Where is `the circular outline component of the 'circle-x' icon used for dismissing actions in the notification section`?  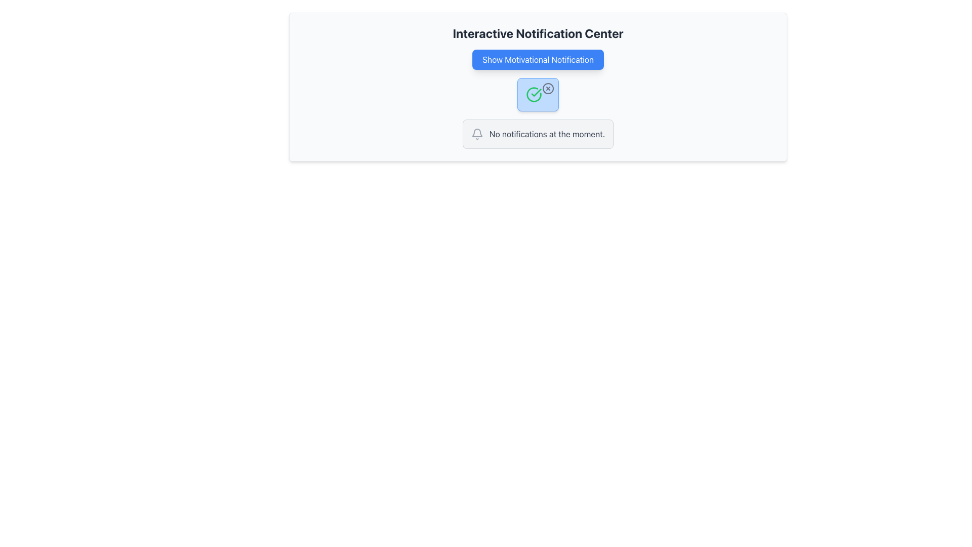
the circular outline component of the 'circle-x' icon used for dismissing actions in the notification section is located at coordinates (548, 88).